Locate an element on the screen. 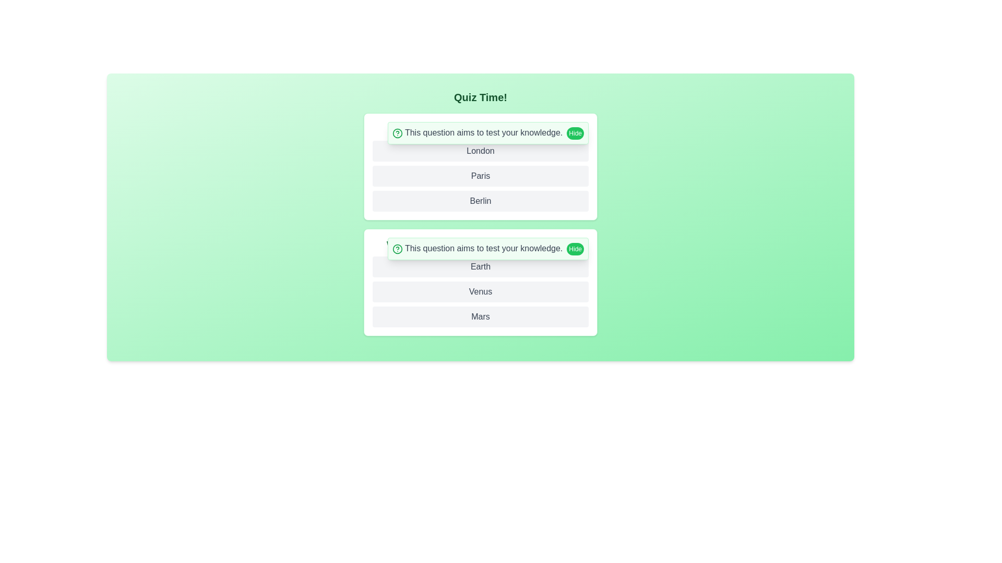  text of the informational header located at the top of the quiz card, which provides context about the quiz and includes a hide functionality is located at coordinates (487, 249).